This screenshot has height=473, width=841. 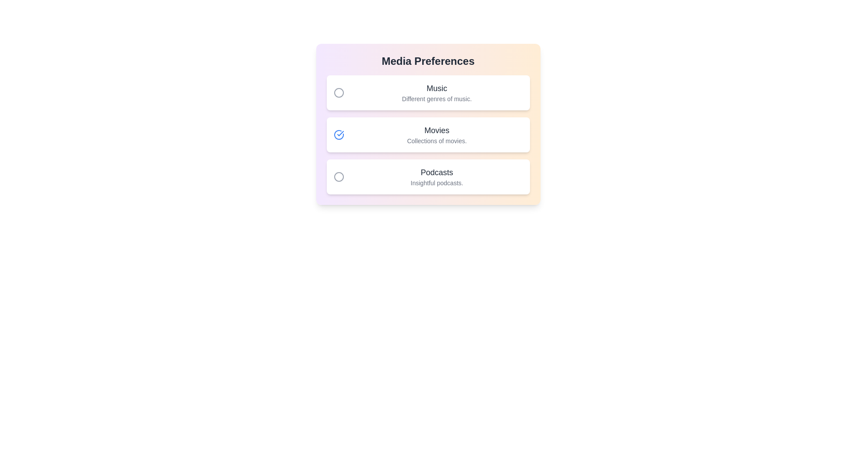 What do you see at coordinates (338, 135) in the screenshot?
I see `the toggle button next to 'Movies' to enable or disable its preference` at bounding box center [338, 135].